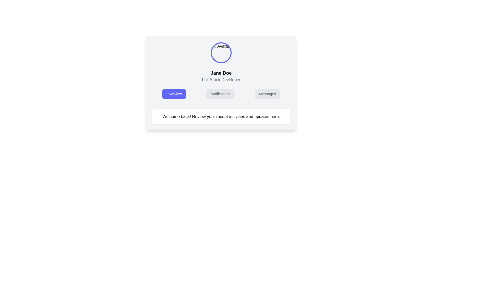 The image size is (502, 282). What do you see at coordinates (174, 93) in the screenshot?
I see `the 'Overview' button, which is a blue button with white text in a rounded rectangular shape, located in the central section of the interface` at bounding box center [174, 93].